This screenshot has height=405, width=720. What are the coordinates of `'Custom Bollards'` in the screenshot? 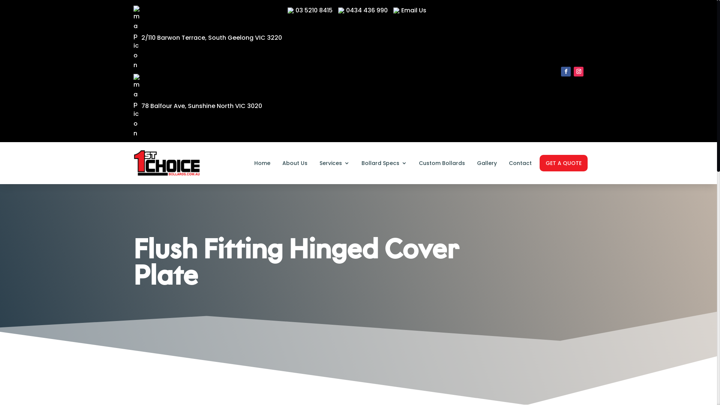 It's located at (442, 163).